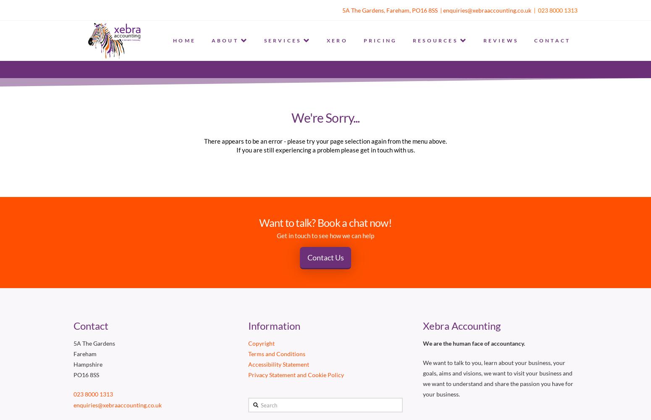  What do you see at coordinates (418, 75) in the screenshot?
I see `'BLOG'` at bounding box center [418, 75].